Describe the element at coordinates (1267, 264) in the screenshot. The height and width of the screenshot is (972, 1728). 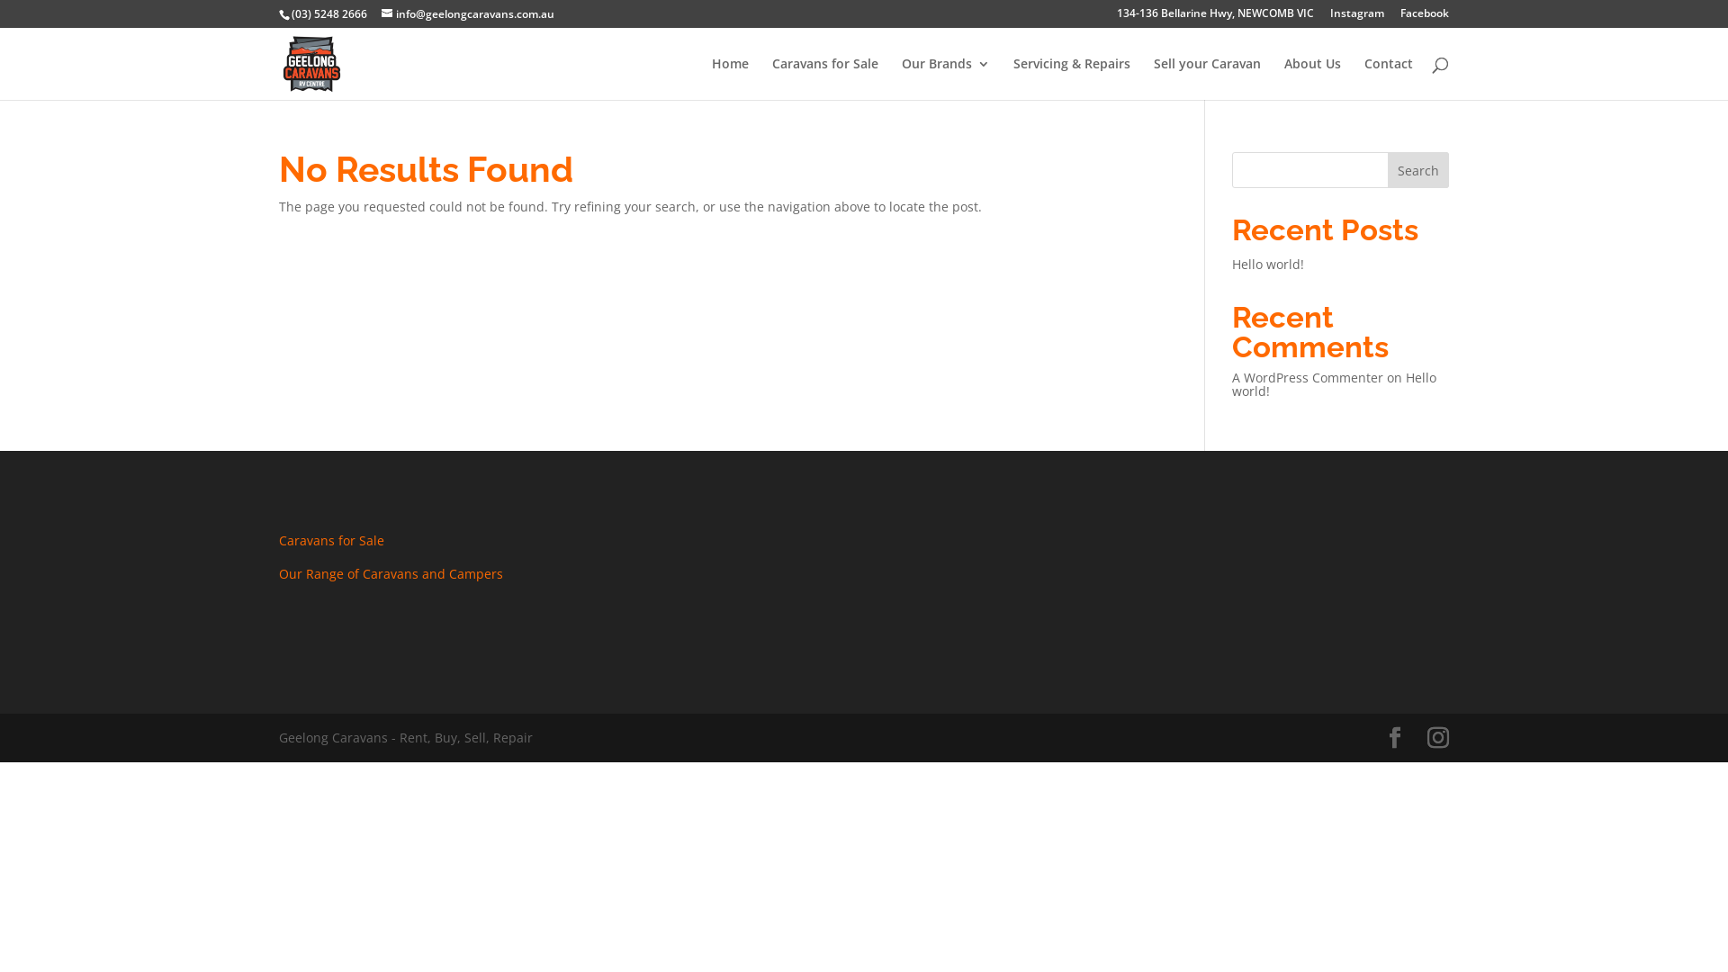
I see `'Hello world!'` at that location.